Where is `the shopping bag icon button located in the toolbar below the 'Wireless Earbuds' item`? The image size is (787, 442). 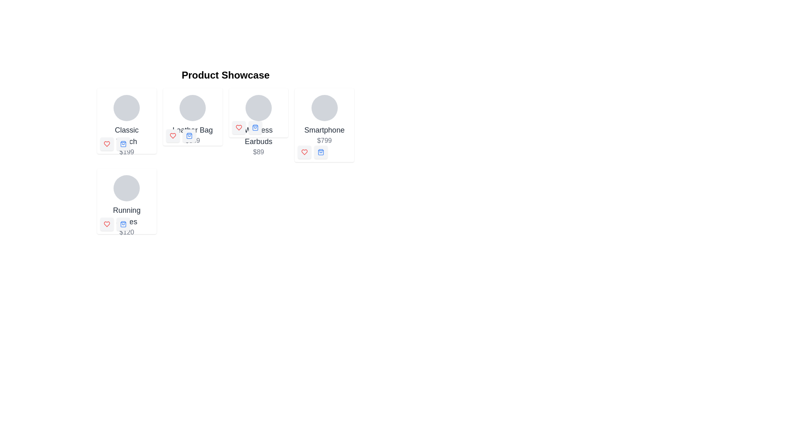 the shopping bag icon button located in the toolbar below the 'Wireless Earbuds' item is located at coordinates (255, 128).